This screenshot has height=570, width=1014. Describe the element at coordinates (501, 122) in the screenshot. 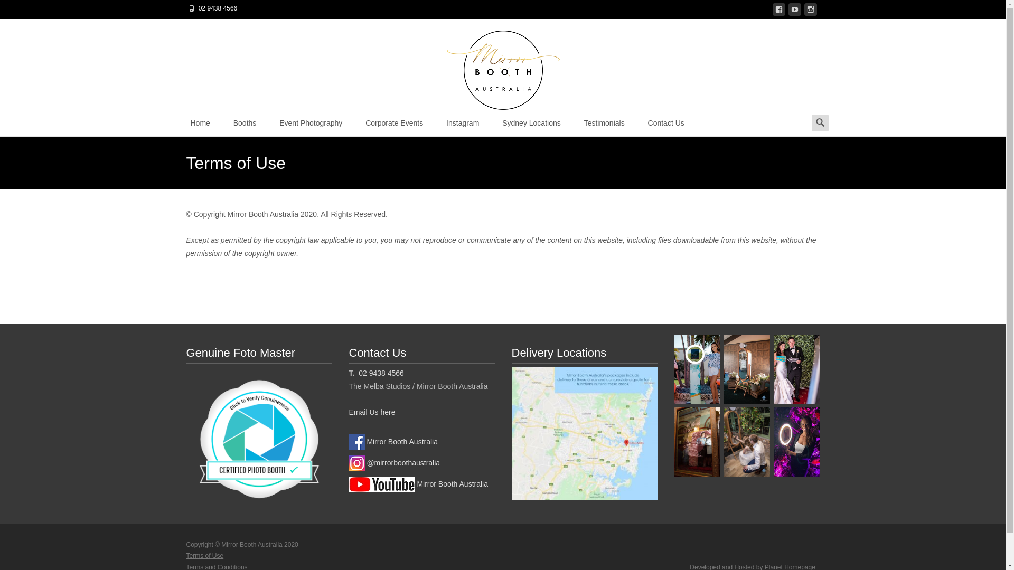

I see `'Sydney Locations'` at that location.